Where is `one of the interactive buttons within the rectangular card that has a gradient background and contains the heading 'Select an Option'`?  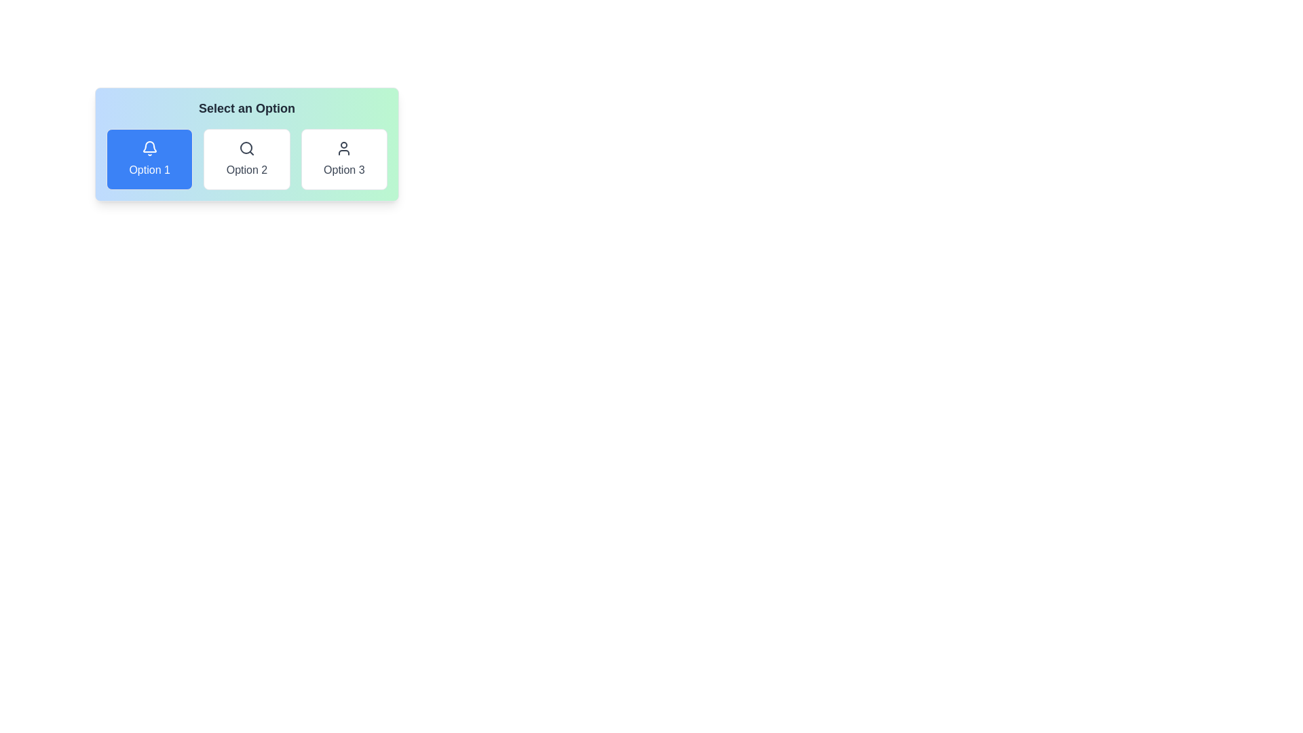 one of the interactive buttons within the rectangular card that has a gradient background and contains the heading 'Select an Option' is located at coordinates (247, 144).